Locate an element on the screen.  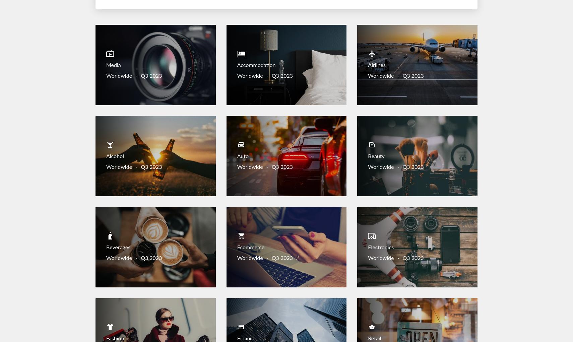
'Finance' is located at coordinates (237, 338).